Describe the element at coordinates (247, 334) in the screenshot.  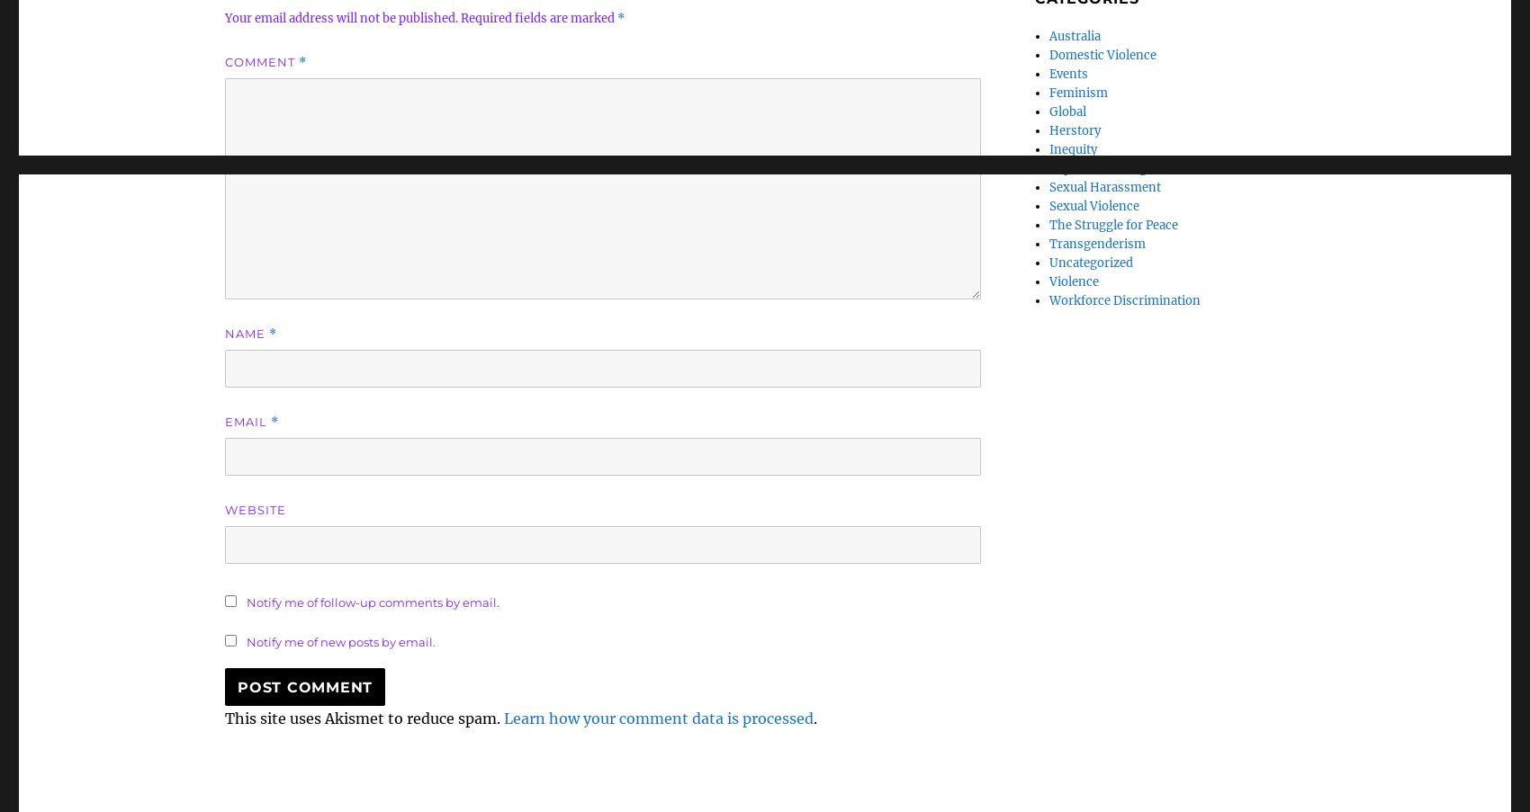
I see `'Name'` at that location.